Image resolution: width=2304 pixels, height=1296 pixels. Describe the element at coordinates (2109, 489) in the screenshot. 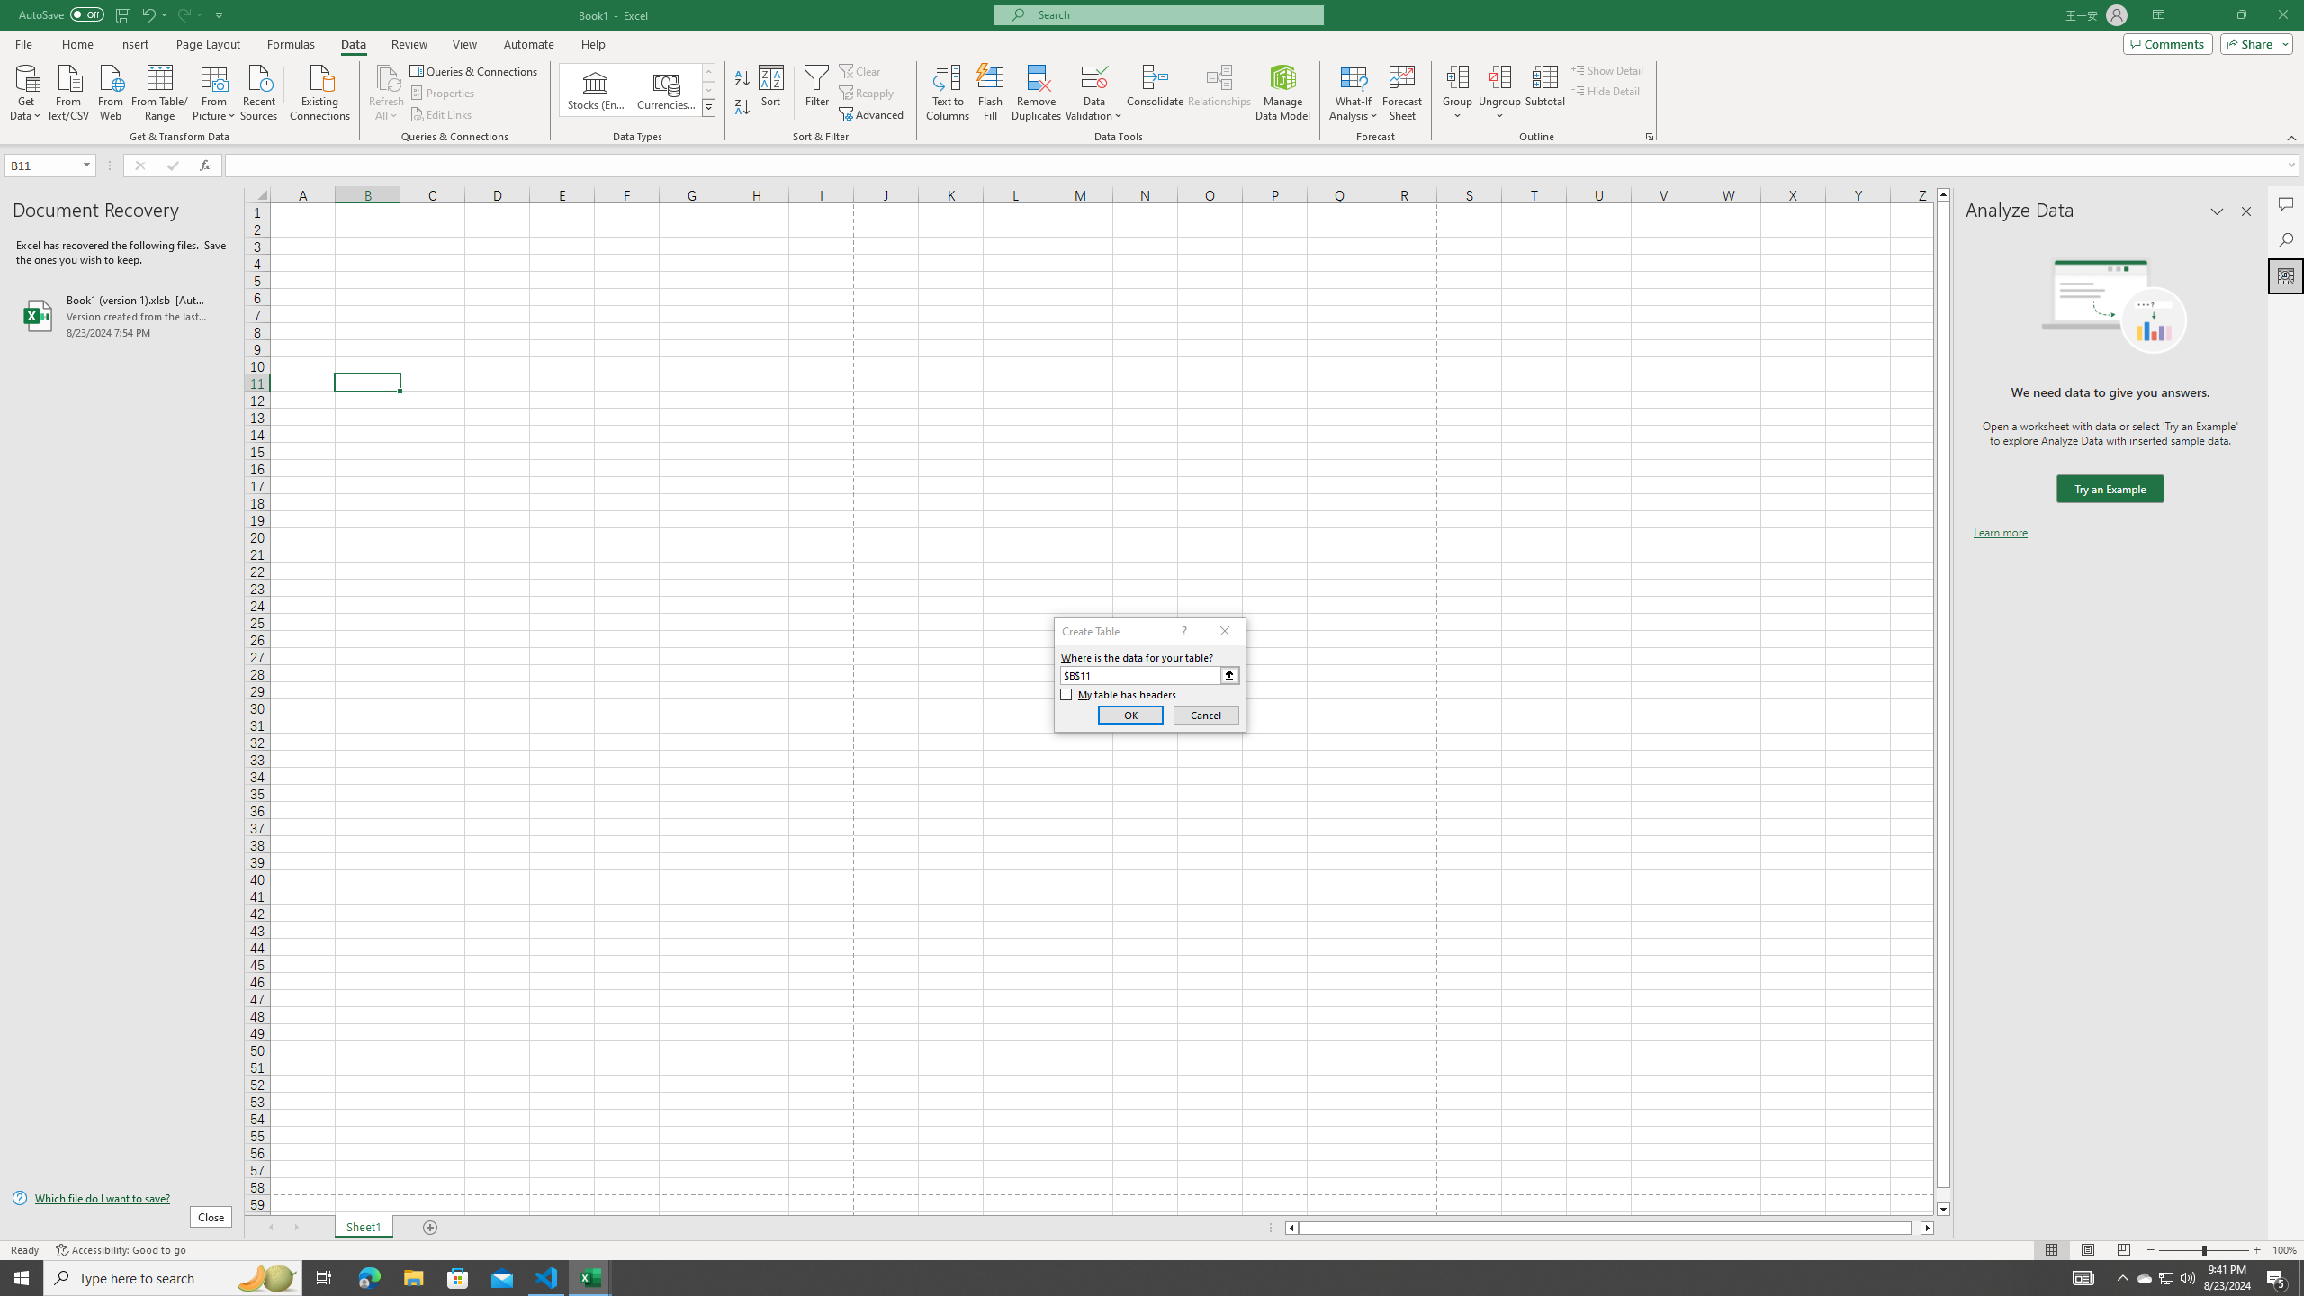

I see `'We need data to give you answers. Try an Example'` at that location.